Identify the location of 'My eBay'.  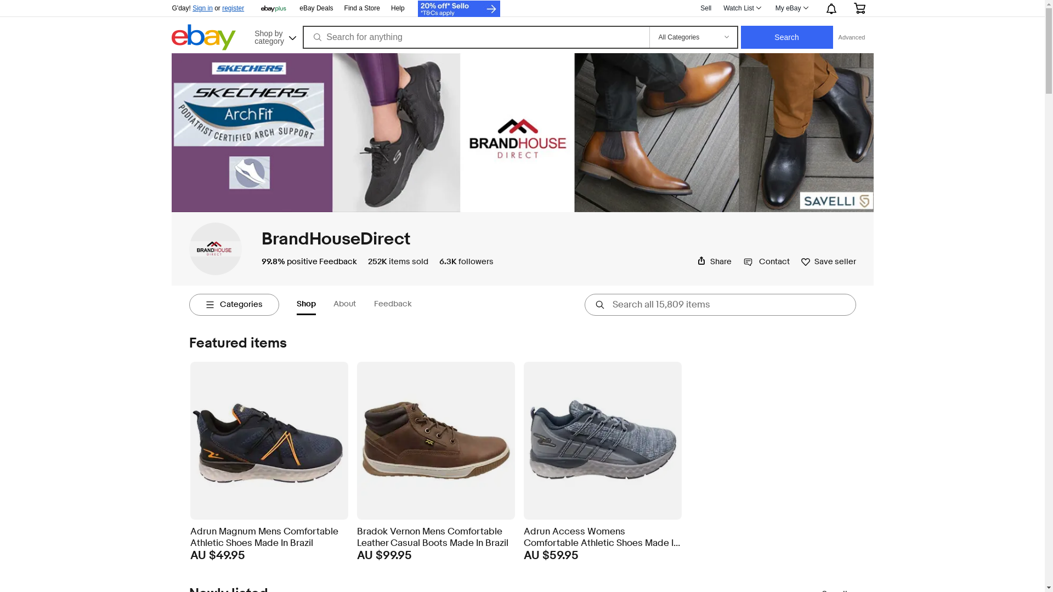
(791, 8).